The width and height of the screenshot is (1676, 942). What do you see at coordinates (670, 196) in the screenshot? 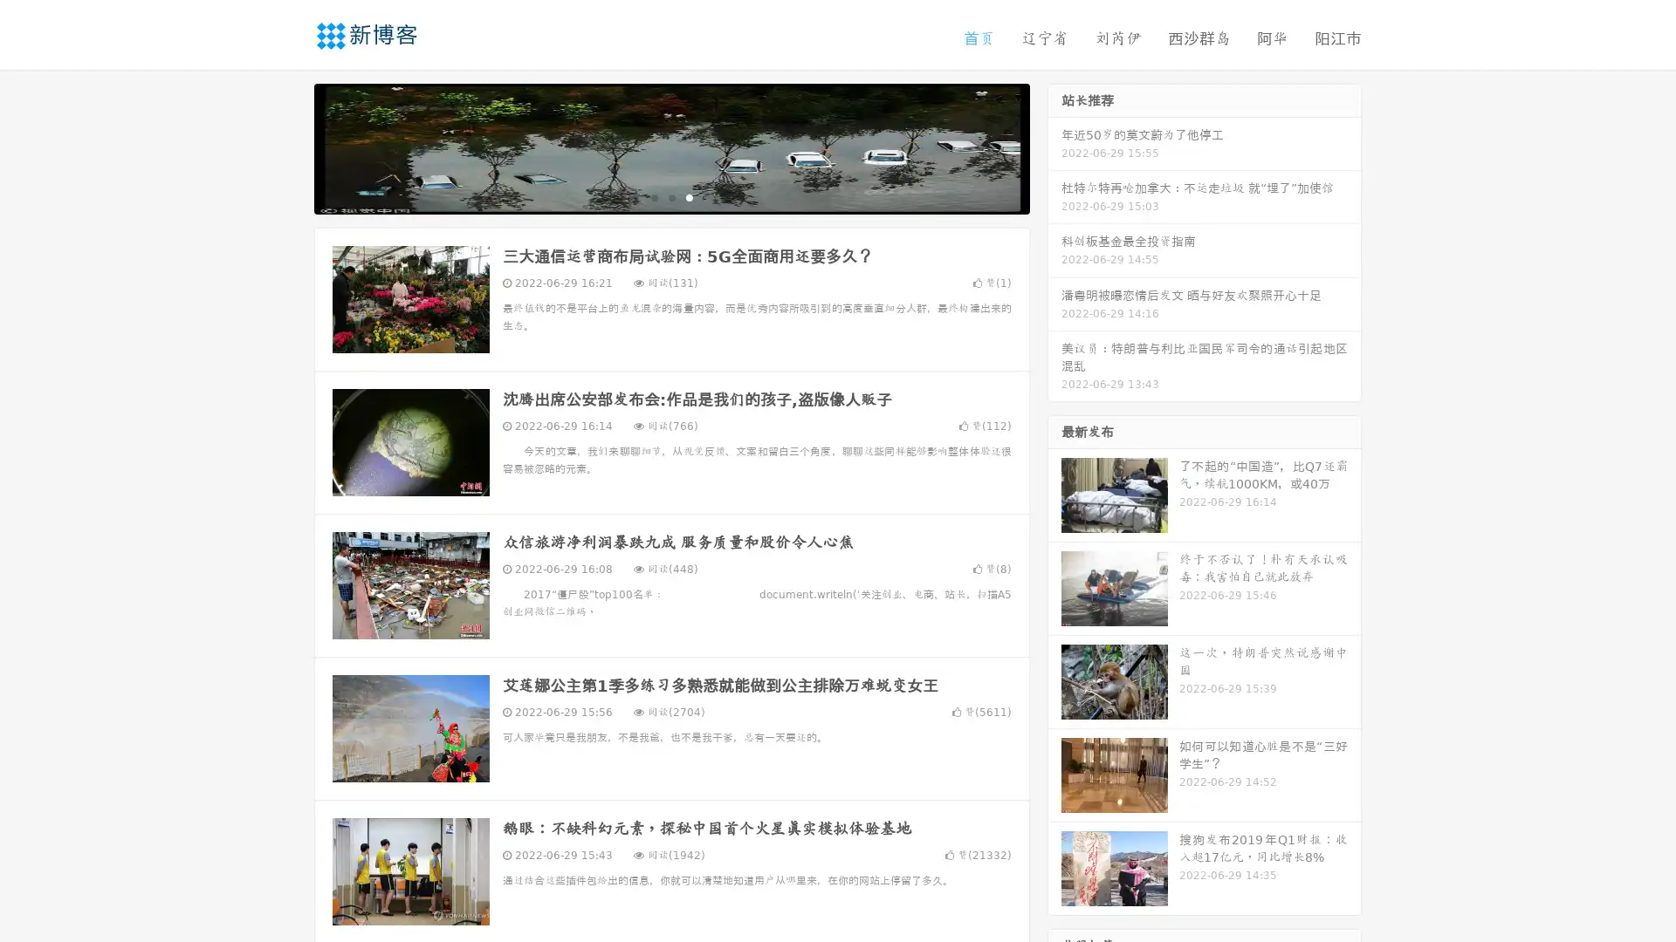
I see `Go to slide 2` at bounding box center [670, 196].